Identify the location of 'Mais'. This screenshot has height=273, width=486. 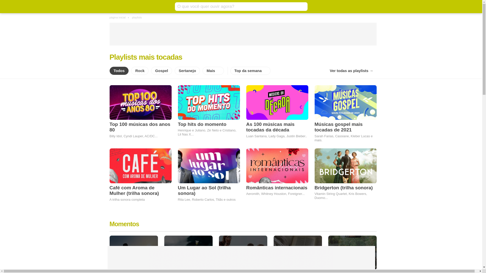
(213, 71).